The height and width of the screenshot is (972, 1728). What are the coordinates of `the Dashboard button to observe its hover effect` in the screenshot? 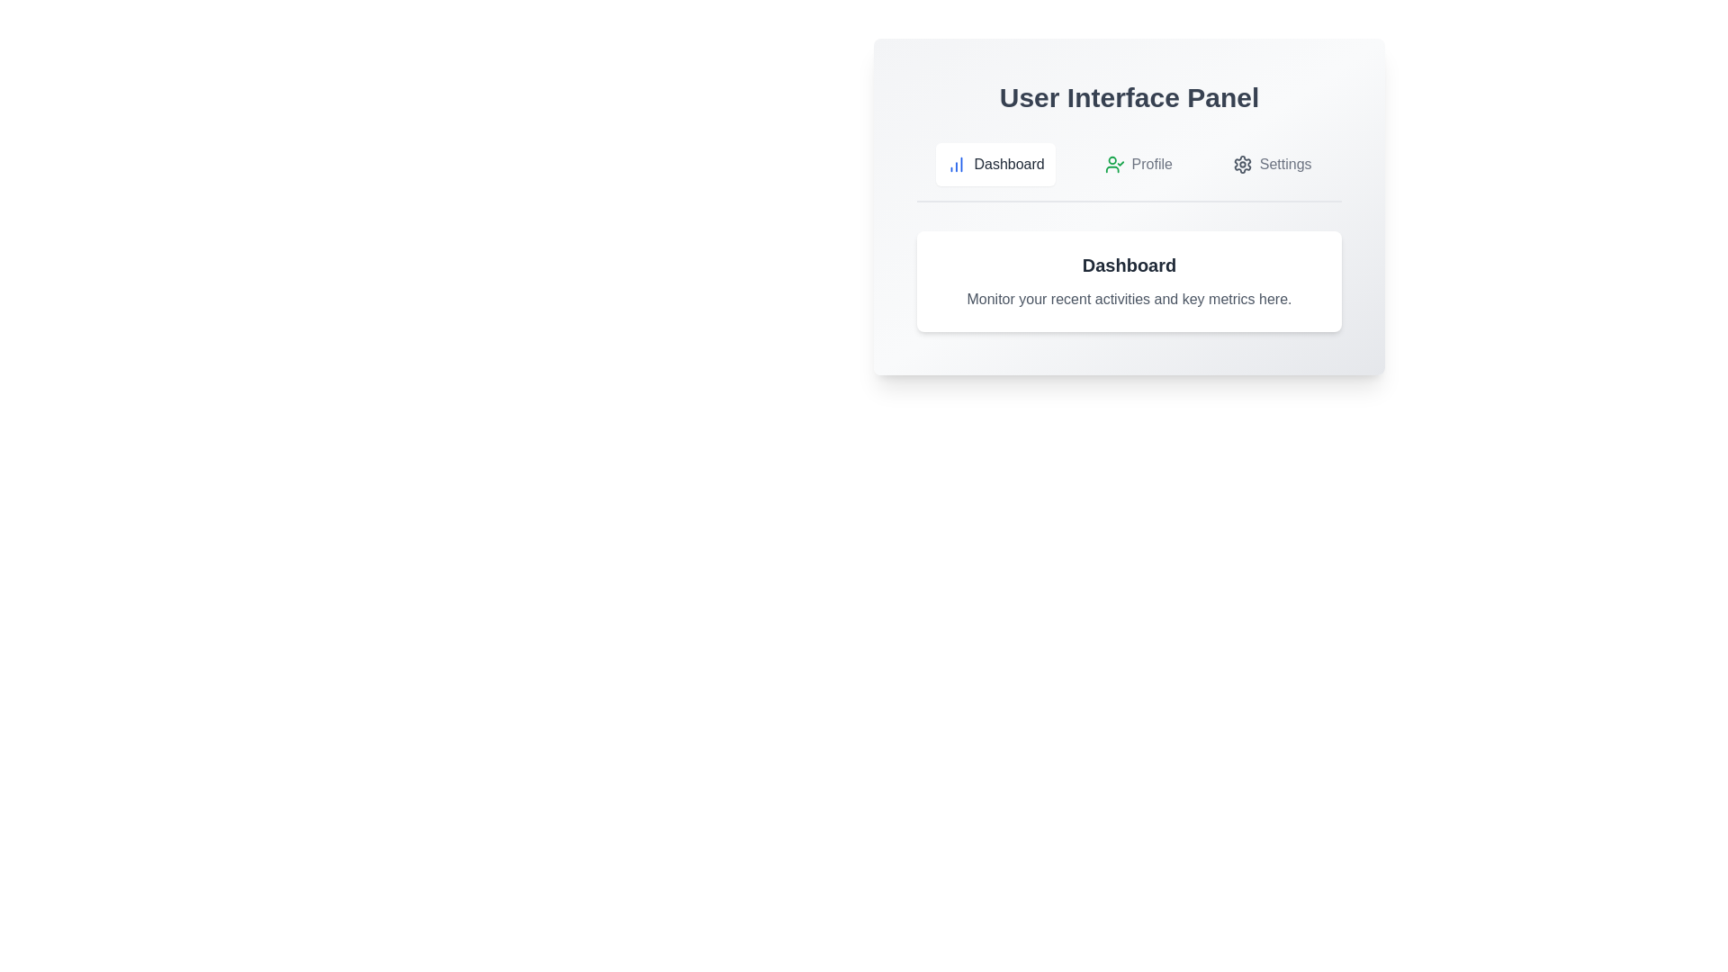 It's located at (994, 164).